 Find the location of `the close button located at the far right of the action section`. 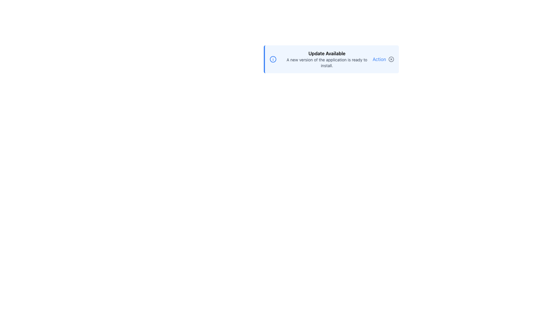

the close button located at the far right of the action section is located at coordinates (391, 59).